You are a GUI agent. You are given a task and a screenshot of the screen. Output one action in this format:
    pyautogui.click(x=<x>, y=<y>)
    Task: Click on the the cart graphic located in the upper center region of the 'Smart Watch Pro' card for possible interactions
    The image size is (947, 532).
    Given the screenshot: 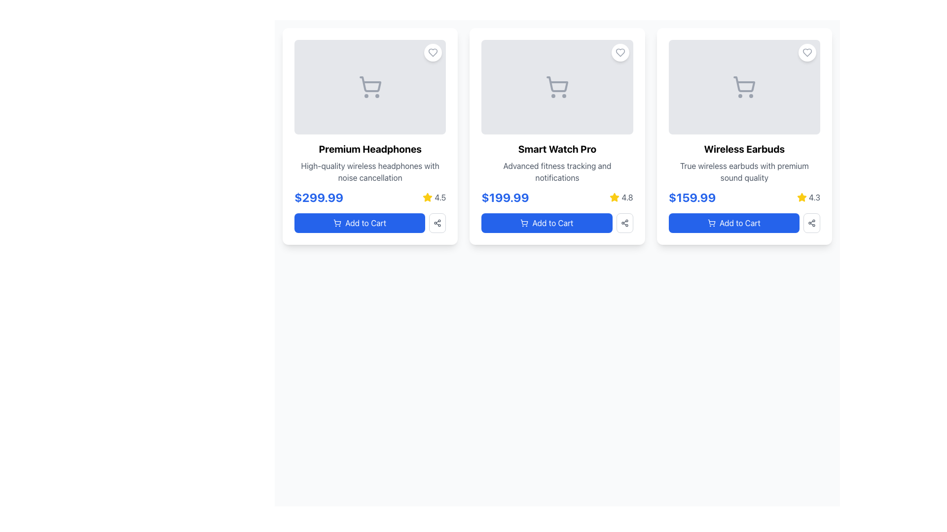 What is the action you would take?
    pyautogui.click(x=557, y=84)
    